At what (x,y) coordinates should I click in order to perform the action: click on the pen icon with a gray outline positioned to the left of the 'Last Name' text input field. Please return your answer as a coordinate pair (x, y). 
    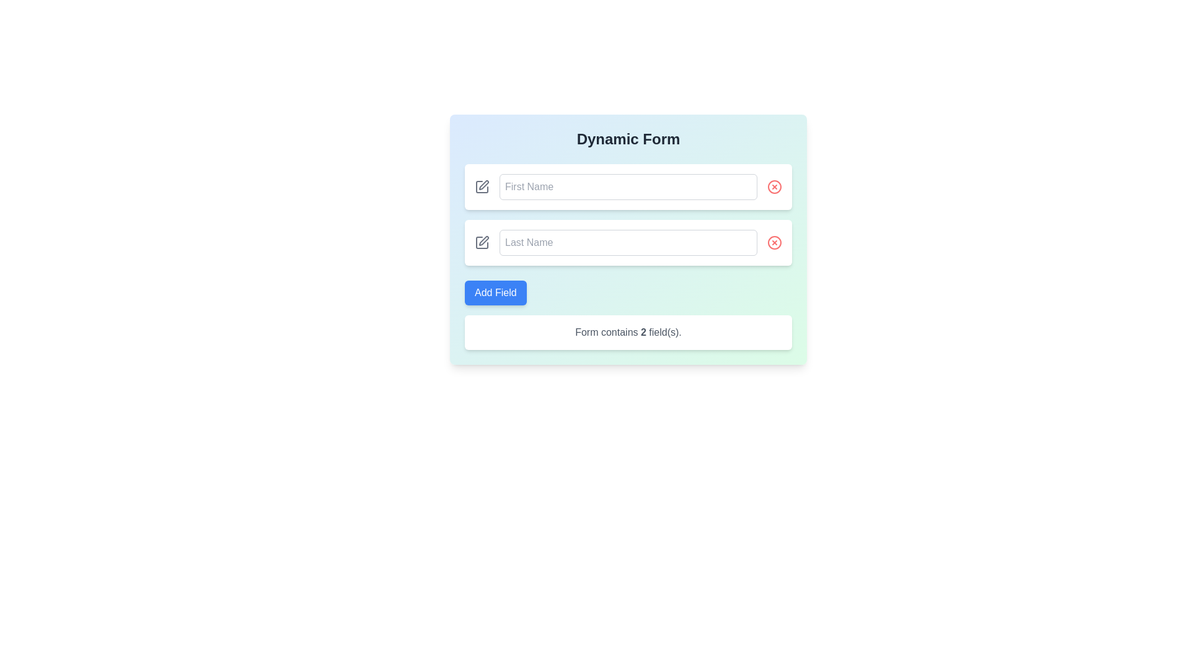
    Looking at the image, I should click on (481, 243).